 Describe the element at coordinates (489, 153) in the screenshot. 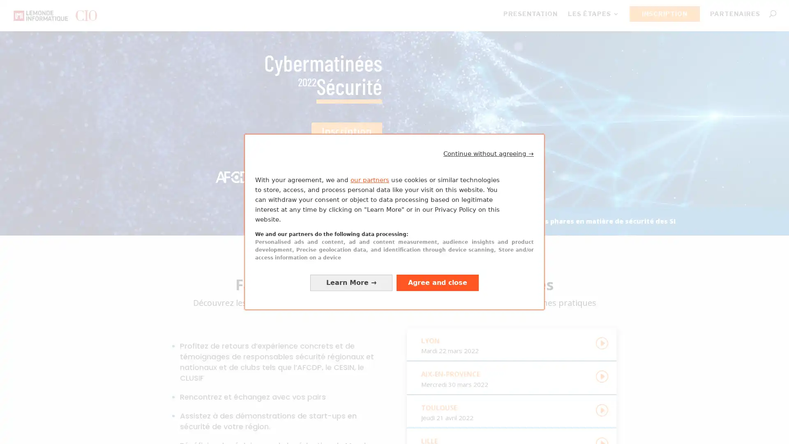

I see `Continue without agreeing` at that location.